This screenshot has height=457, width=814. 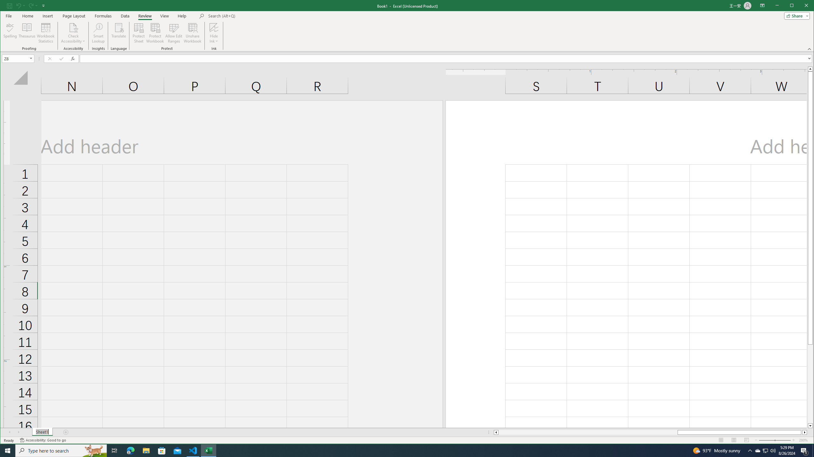 I want to click on 'Protect Workbook...', so click(x=155, y=33).